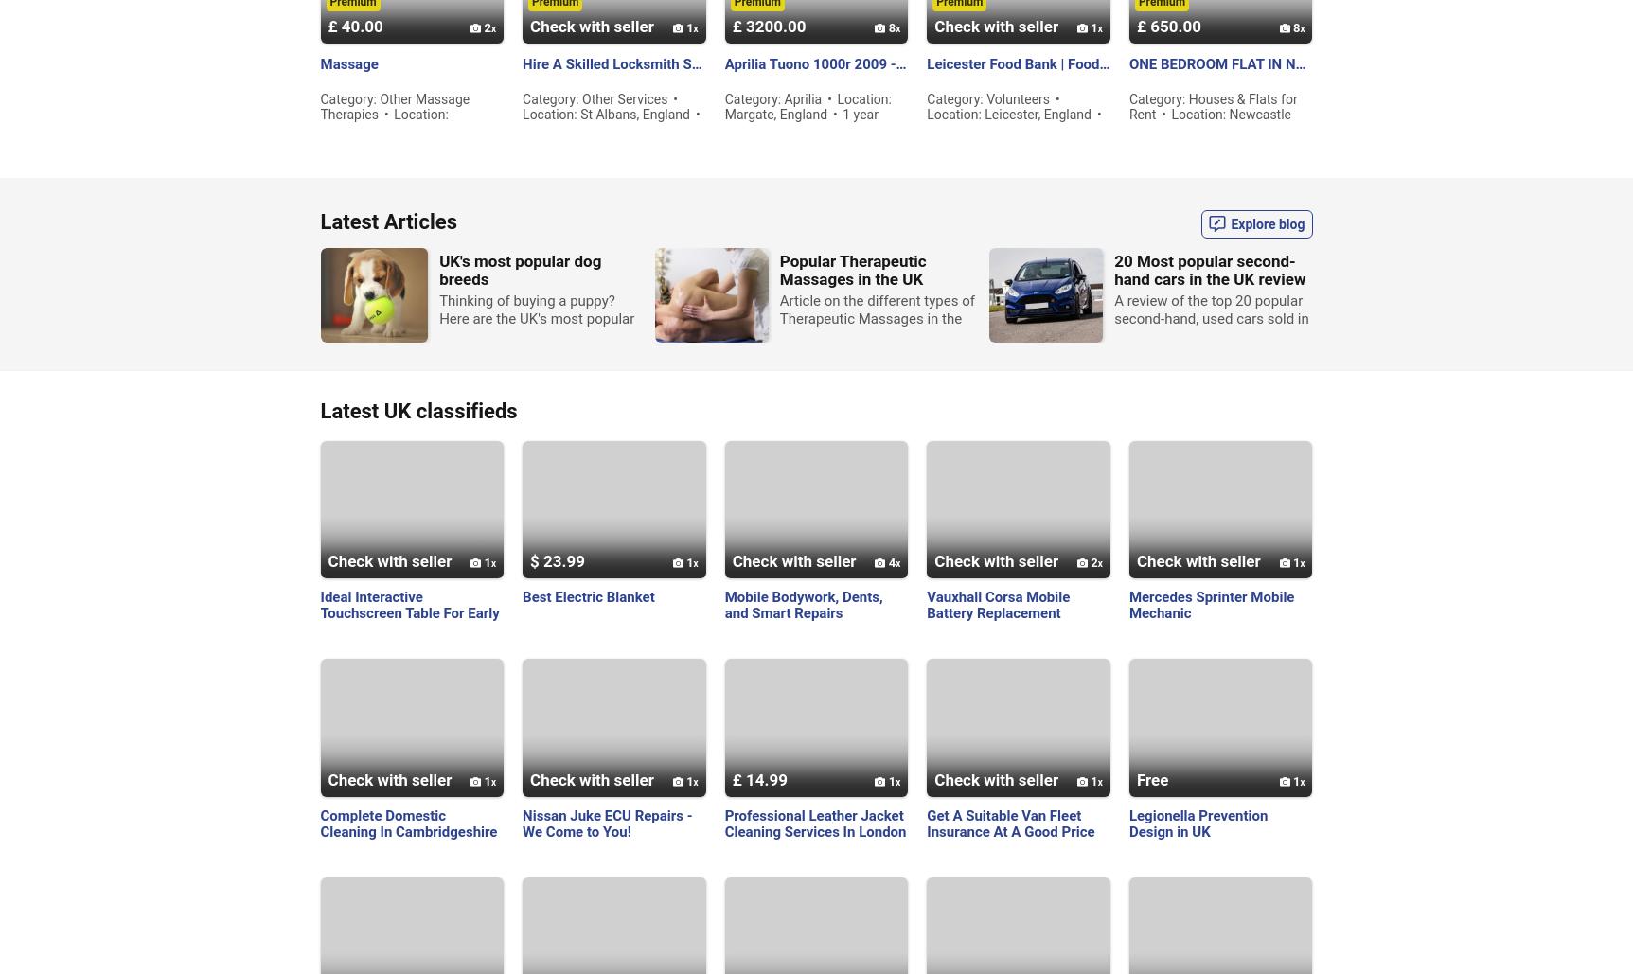  What do you see at coordinates (889, 560) in the screenshot?
I see `'4'` at bounding box center [889, 560].